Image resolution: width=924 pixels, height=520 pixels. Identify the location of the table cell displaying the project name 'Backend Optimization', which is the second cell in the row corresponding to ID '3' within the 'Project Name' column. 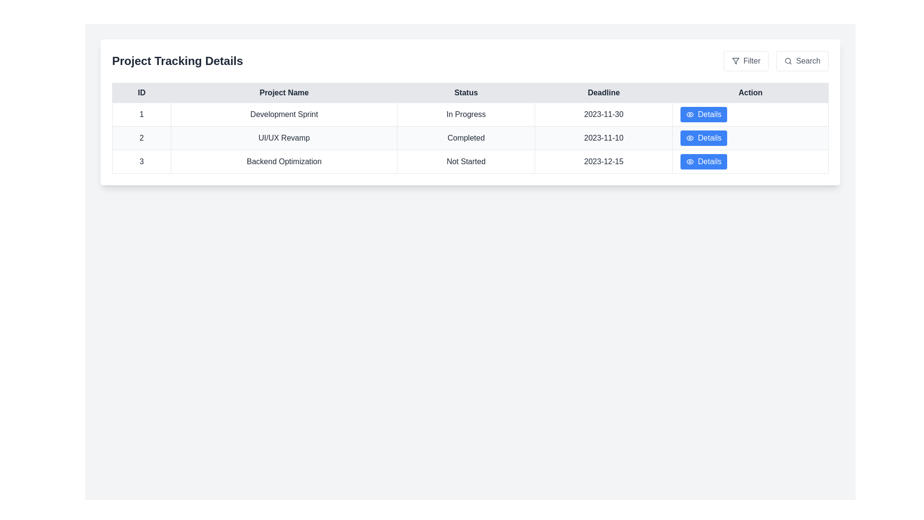
(283, 161).